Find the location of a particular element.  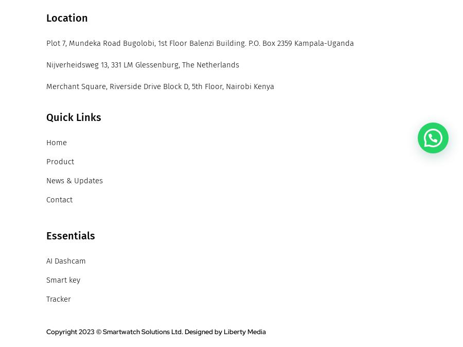

'Contact' is located at coordinates (59, 199).